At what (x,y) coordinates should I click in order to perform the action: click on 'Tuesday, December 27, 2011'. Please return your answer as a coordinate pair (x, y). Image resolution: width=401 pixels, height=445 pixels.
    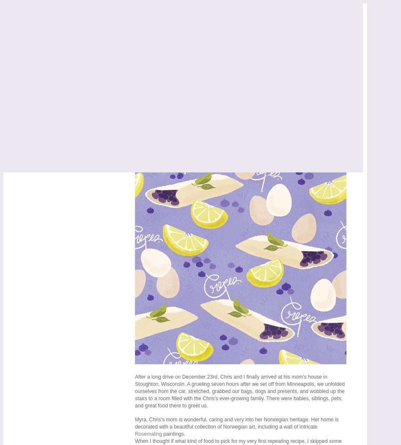
    Looking at the image, I should click on (184, 132).